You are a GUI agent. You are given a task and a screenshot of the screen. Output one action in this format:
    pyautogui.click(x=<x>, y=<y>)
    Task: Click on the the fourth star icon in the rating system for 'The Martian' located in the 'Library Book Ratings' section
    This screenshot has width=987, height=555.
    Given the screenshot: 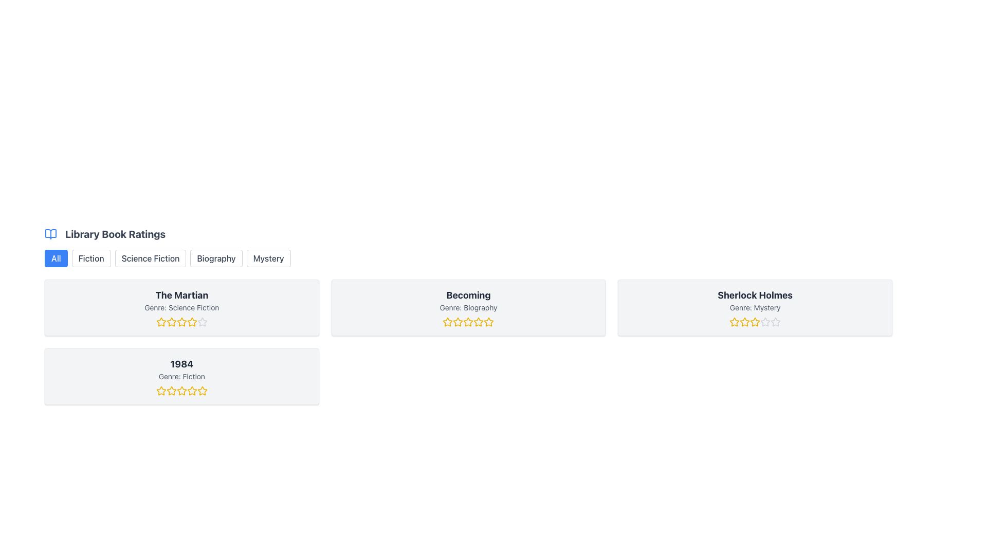 What is the action you would take?
    pyautogui.click(x=192, y=321)
    